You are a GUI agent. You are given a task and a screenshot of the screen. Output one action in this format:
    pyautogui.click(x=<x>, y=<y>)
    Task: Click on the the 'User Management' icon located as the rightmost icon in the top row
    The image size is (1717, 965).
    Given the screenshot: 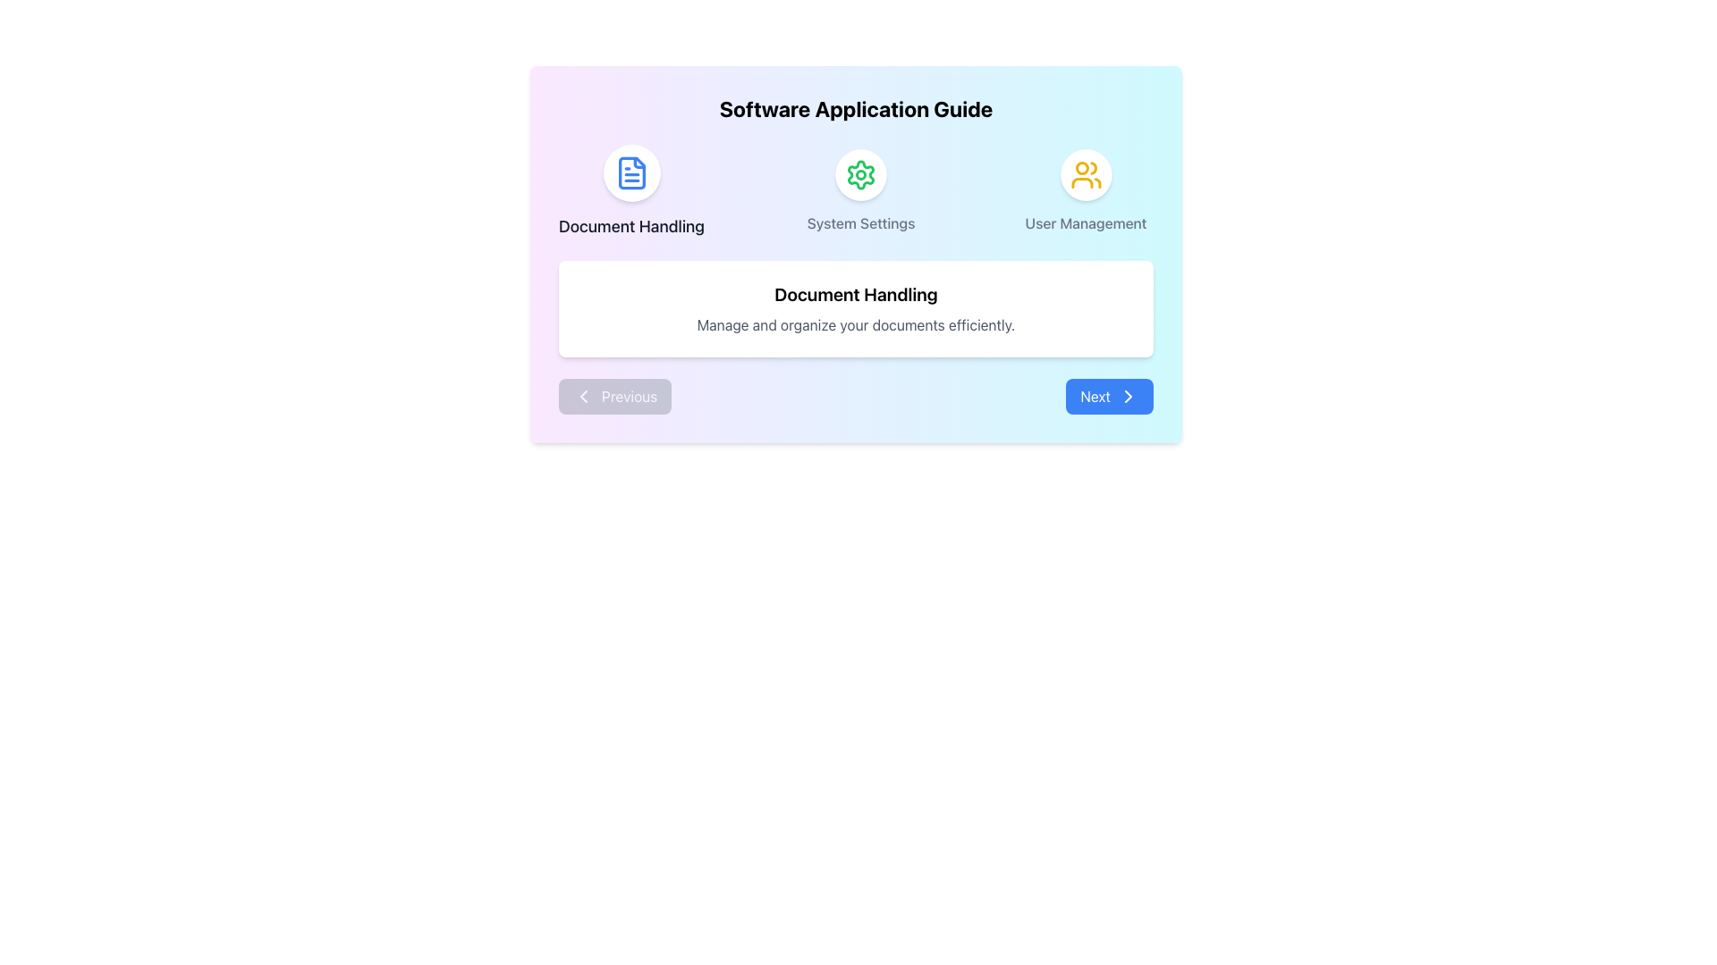 What is the action you would take?
    pyautogui.click(x=1085, y=175)
    